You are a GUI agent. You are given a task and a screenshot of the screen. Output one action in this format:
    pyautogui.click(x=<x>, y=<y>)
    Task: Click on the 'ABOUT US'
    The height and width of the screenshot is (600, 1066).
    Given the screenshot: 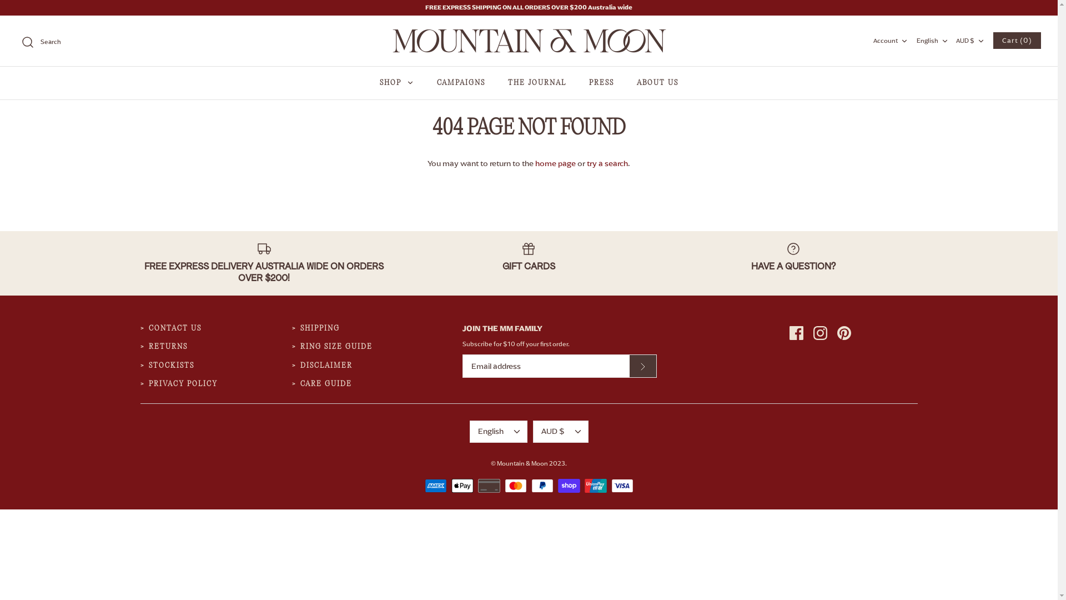 What is the action you would take?
    pyautogui.click(x=657, y=83)
    